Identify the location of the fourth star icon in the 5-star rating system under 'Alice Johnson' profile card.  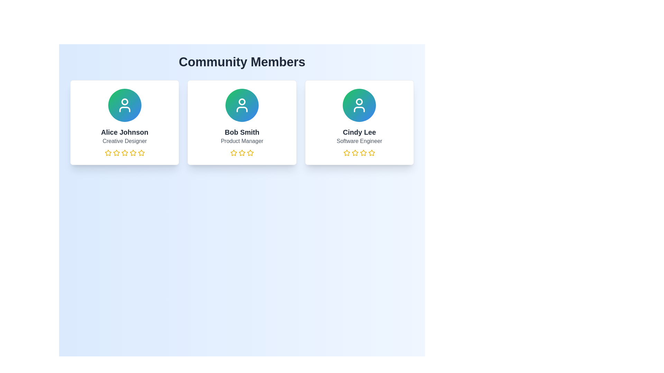
(133, 153).